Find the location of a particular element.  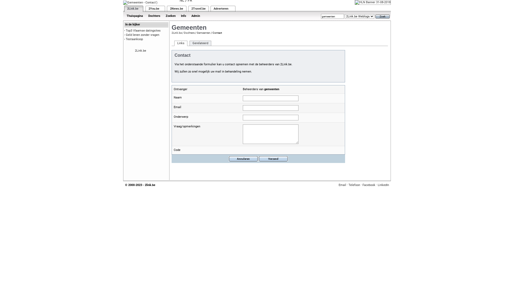

'LinkedIn' is located at coordinates (377, 185).